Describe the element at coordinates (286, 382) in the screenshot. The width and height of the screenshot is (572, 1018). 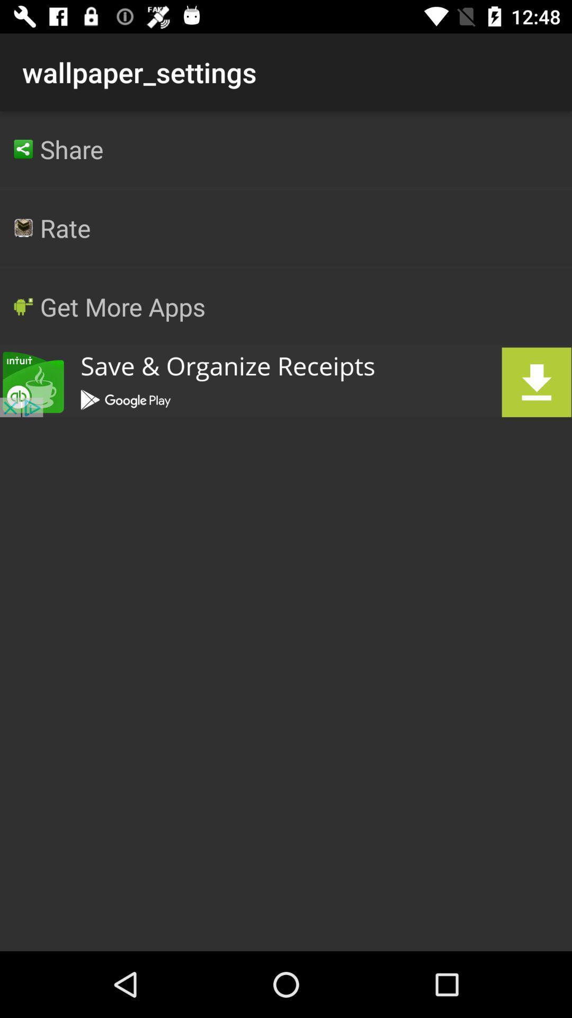
I see `todo aqui` at that location.